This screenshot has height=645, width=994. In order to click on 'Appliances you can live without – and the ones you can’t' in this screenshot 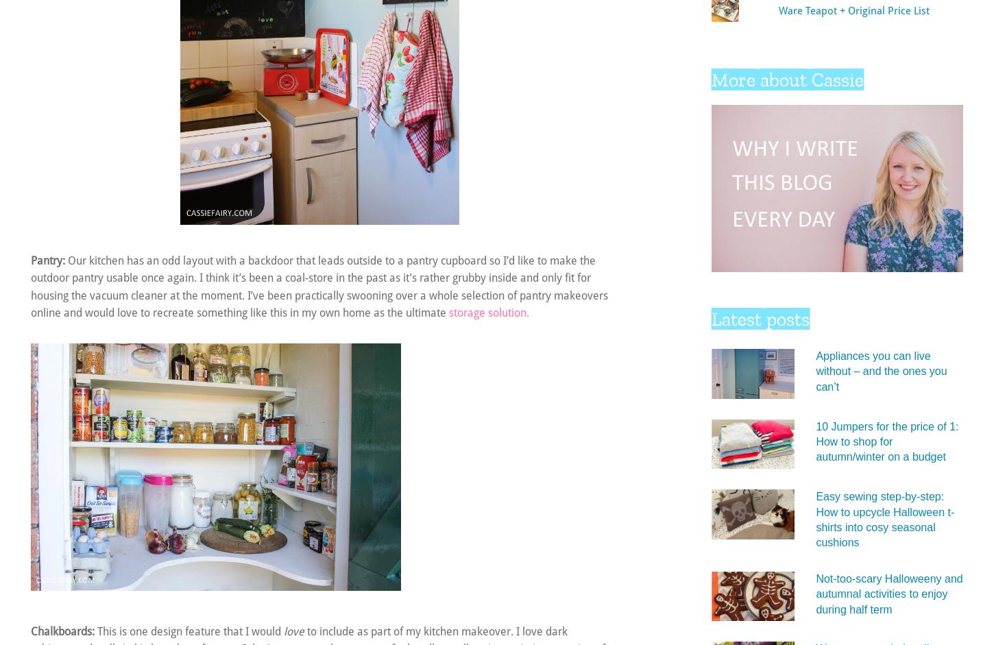, I will do `click(881, 371)`.